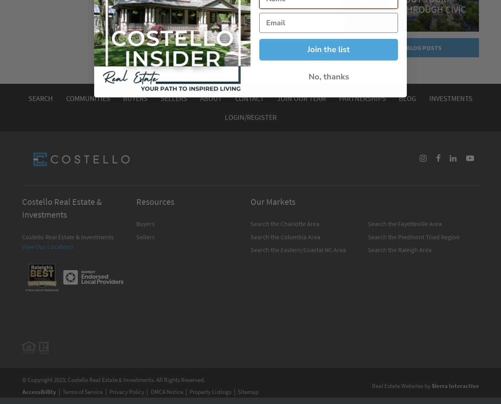 Image resolution: width=501 pixels, height=404 pixels. I want to click on 'About', so click(200, 98).